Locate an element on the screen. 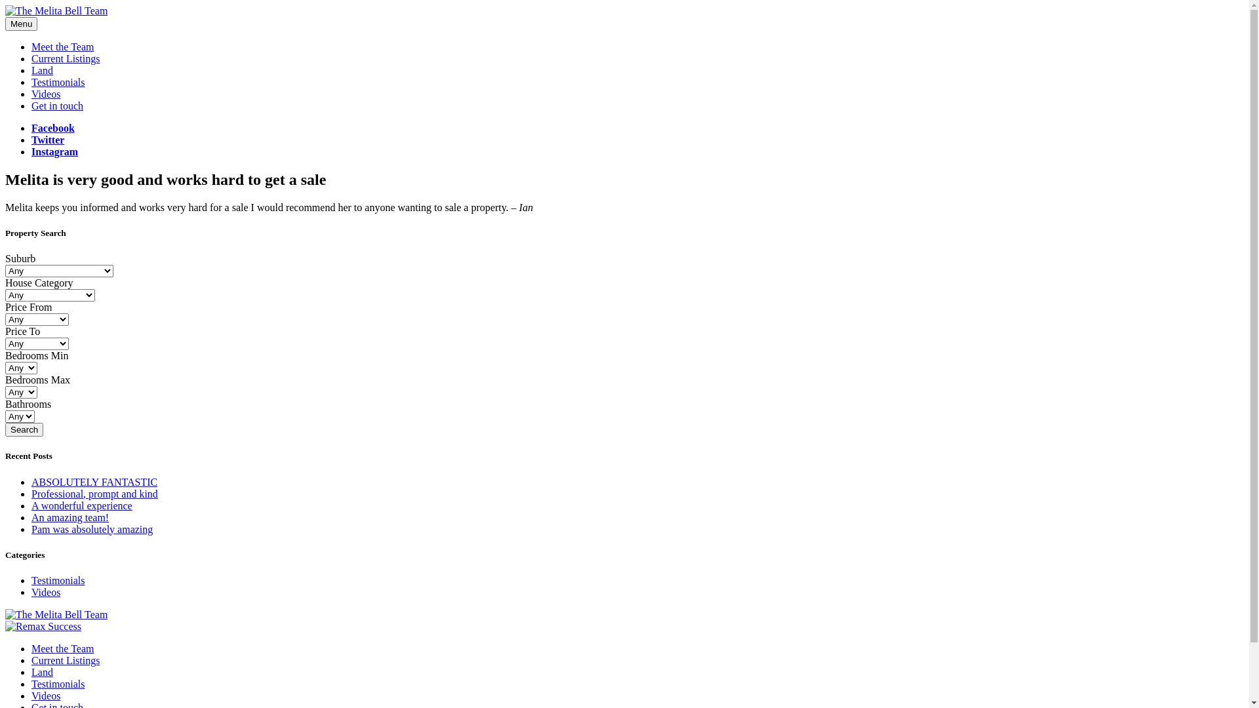 Image resolution: width=1259 pixels, height=708 pixels. 'Testimonials' is located at coordinates (58, 82).